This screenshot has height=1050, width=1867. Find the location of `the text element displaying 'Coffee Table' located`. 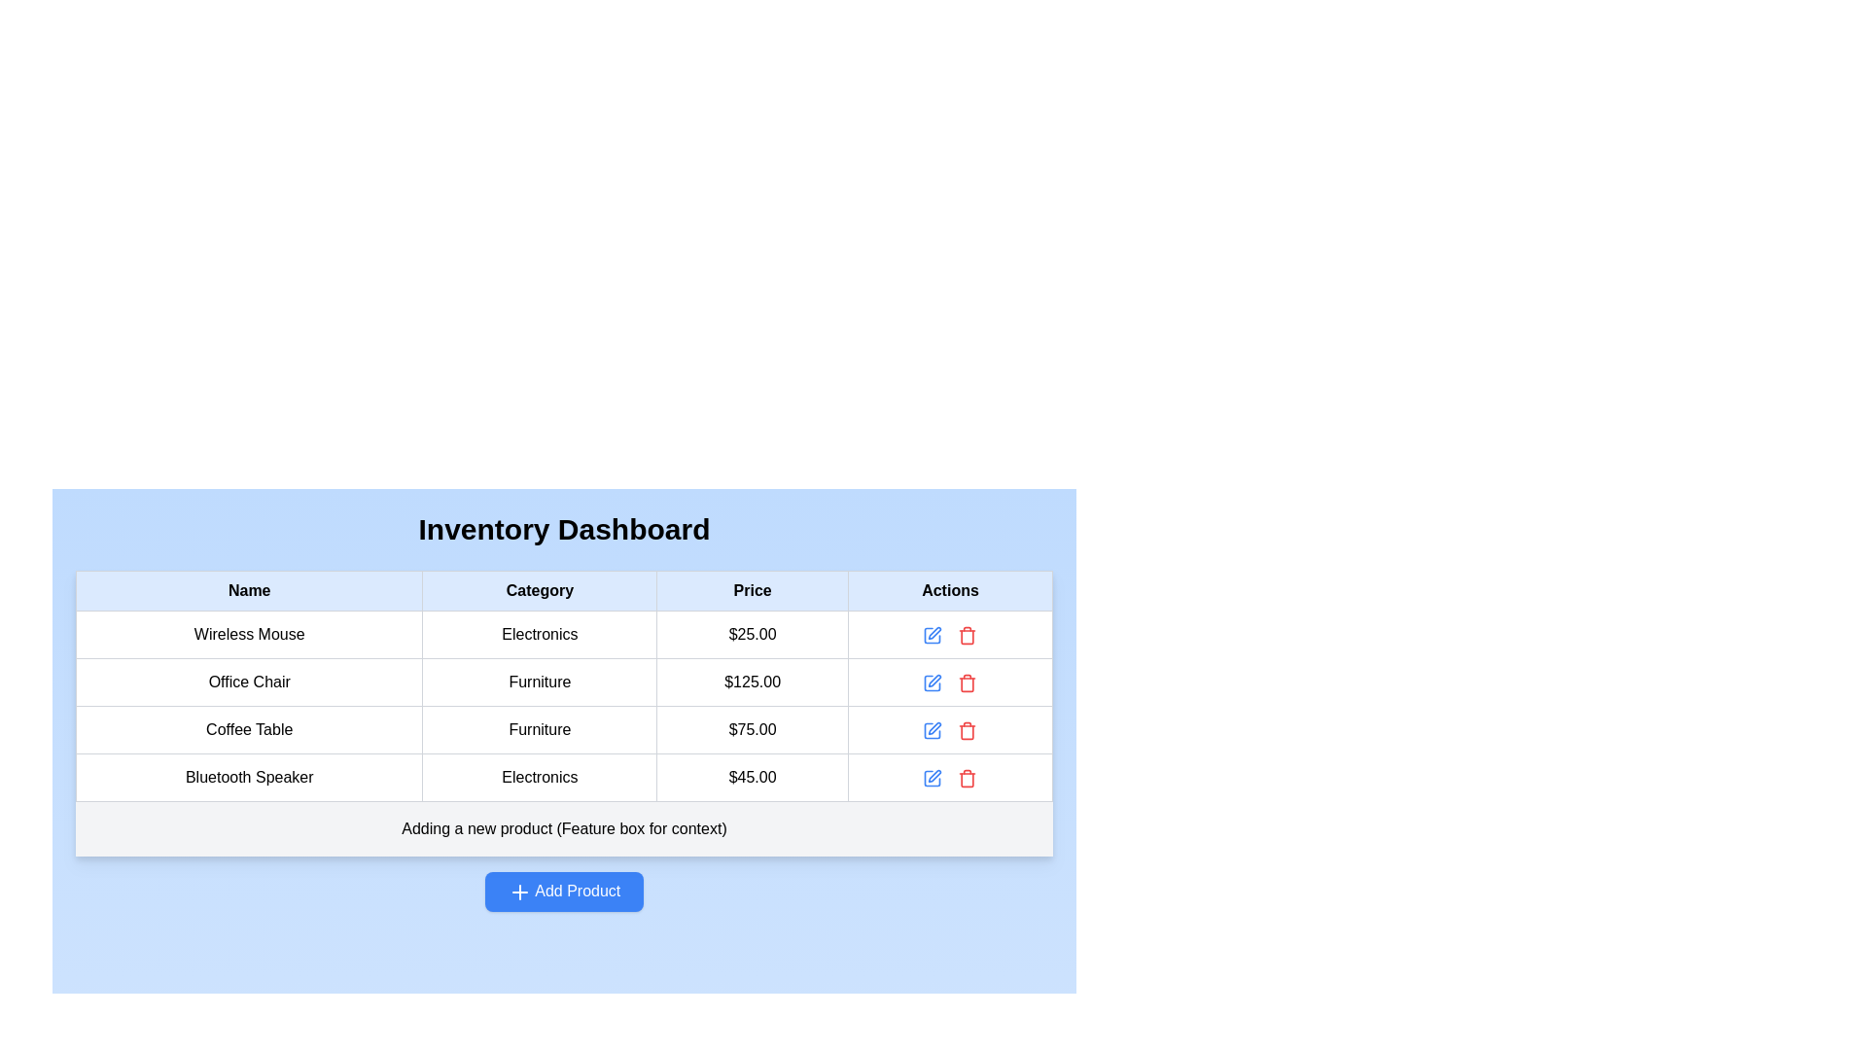

the text element displaying 'Coffee Table' located is located at coordinates (248, 730).